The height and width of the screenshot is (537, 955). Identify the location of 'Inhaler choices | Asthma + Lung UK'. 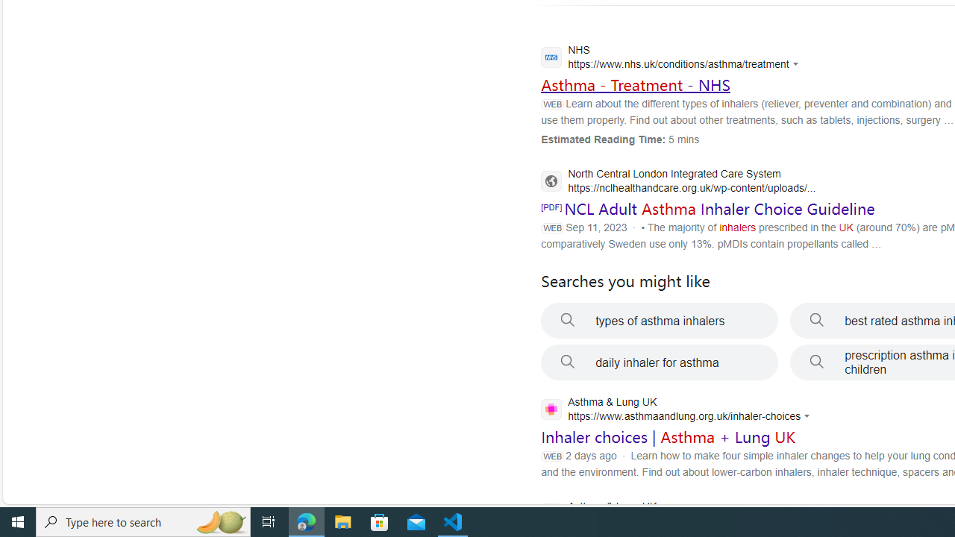
(668, 436).